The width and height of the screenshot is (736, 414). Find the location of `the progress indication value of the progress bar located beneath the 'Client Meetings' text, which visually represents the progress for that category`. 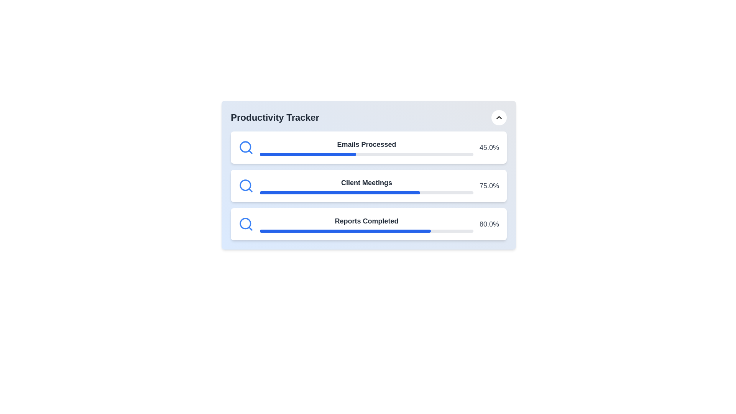

the progress indication value of the progress bar located beneath the 'Client Meetings' text, which visually represents the progress for that category is located at coordinates (366, 192).